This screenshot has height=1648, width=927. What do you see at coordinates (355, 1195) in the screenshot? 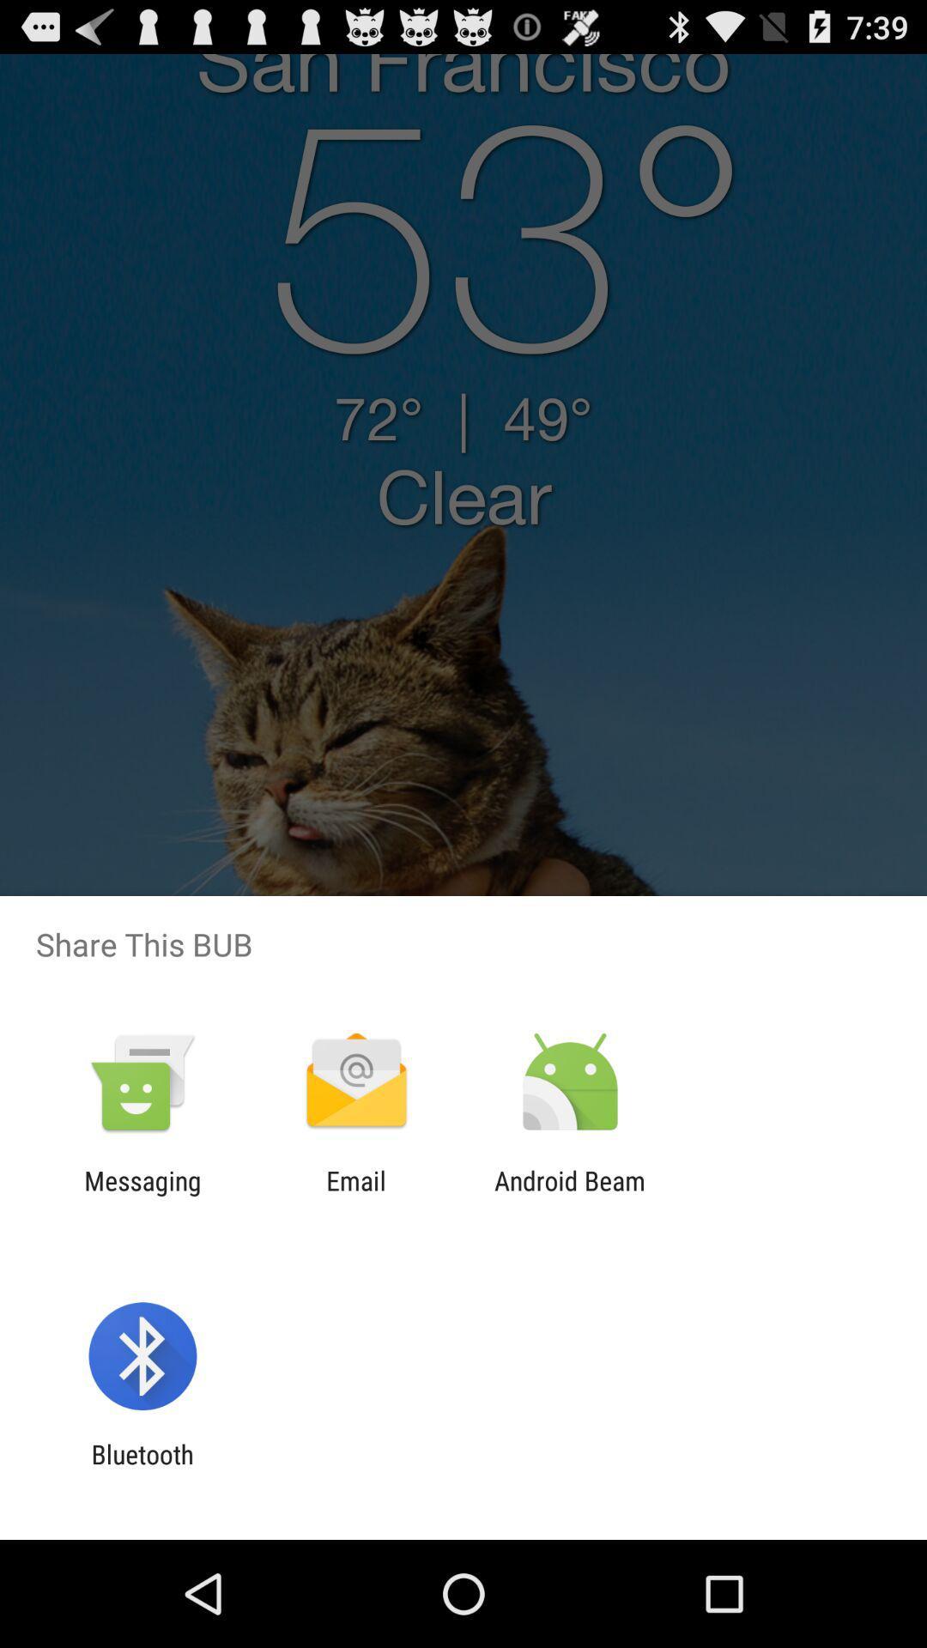
I see `the item next to messaging app` at bounding box center [355, 1195].